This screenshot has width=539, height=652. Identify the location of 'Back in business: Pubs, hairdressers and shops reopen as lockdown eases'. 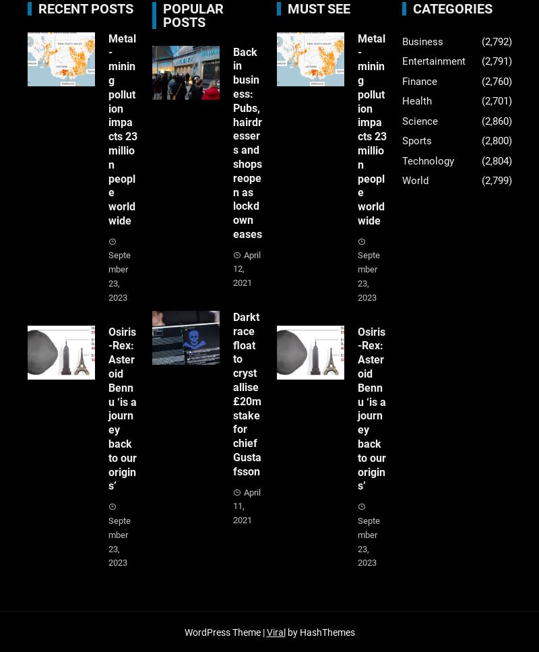
(247, 142).